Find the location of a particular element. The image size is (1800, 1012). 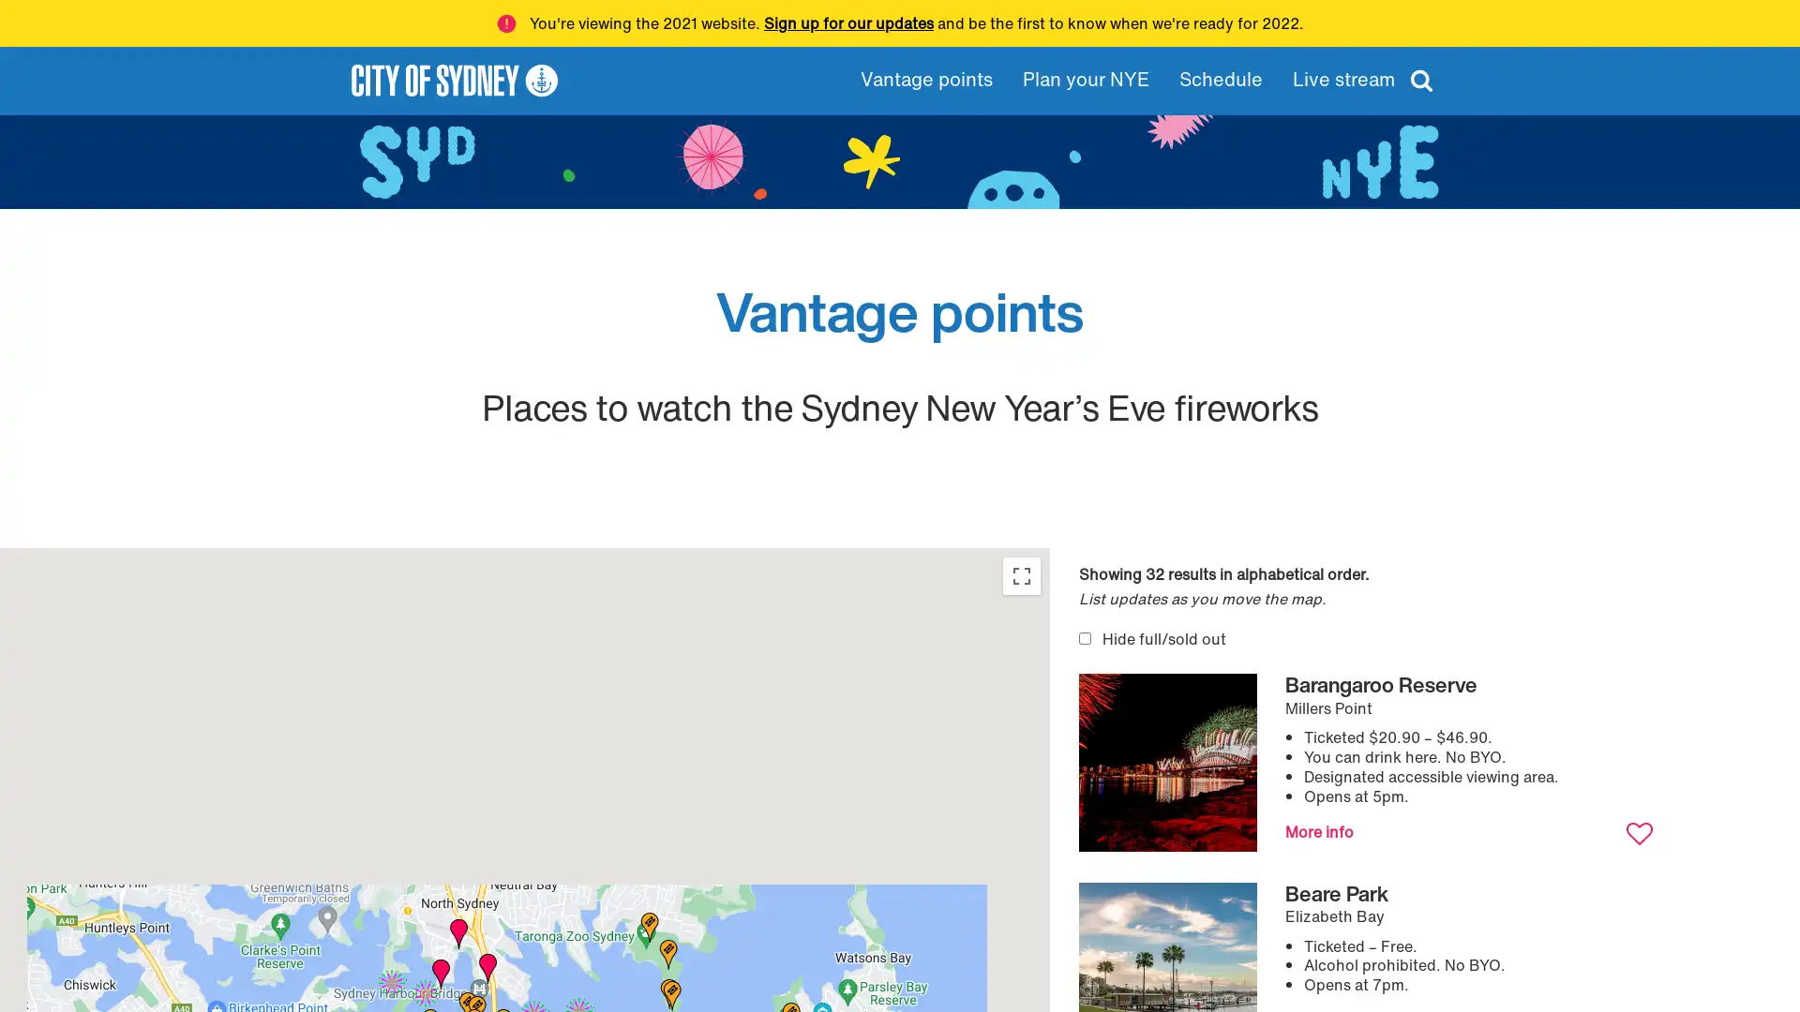

Apply is located at coordinates (1342, 153).